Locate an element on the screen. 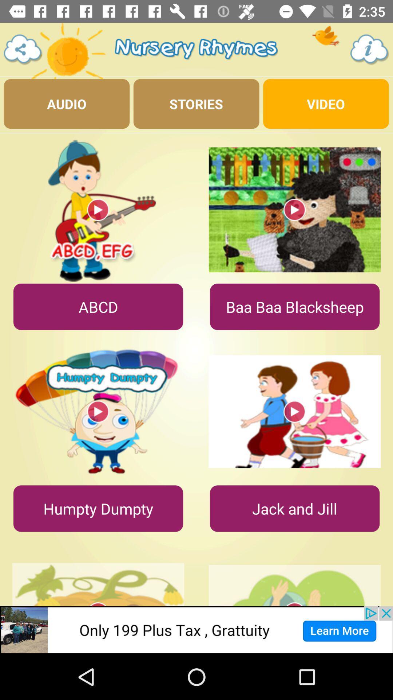 Image resolution: width=393 pixels, height=700 pixels. clicks the advertisement is located at coordinates (196, 630).